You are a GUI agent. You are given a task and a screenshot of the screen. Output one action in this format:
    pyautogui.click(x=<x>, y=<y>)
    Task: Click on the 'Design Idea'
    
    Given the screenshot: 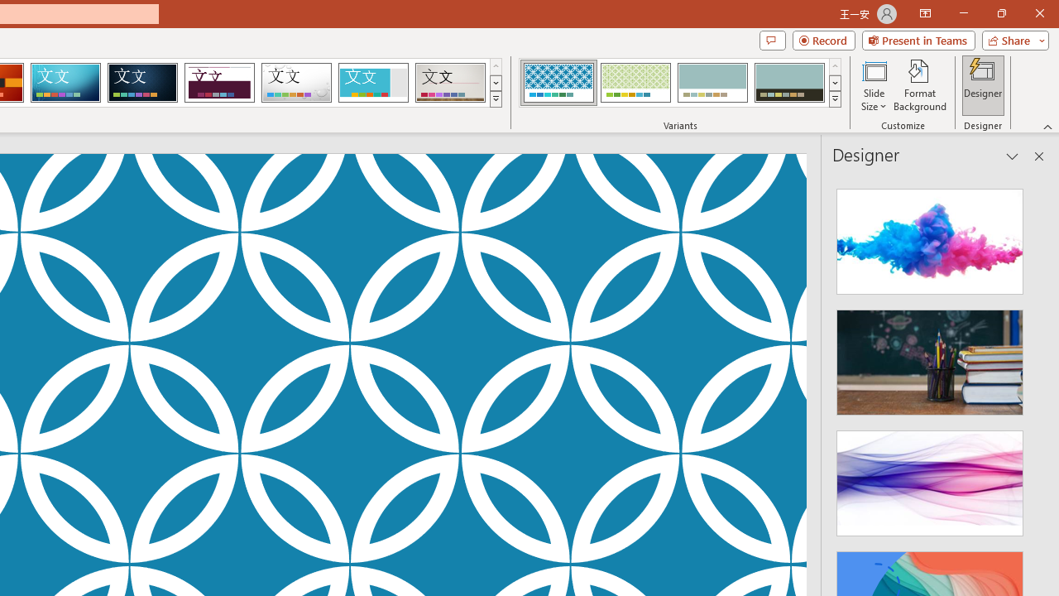 What is the action you would take?
    pyautogui.click(x=930, y=478)
    